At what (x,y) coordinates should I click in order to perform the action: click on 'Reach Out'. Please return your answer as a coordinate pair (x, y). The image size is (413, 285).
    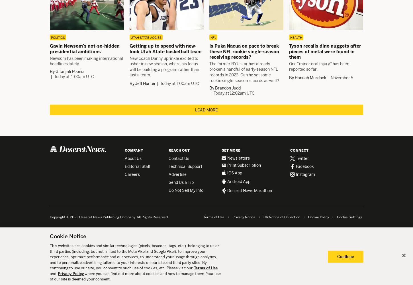
    Looking at the image, I should click on (179, 150).